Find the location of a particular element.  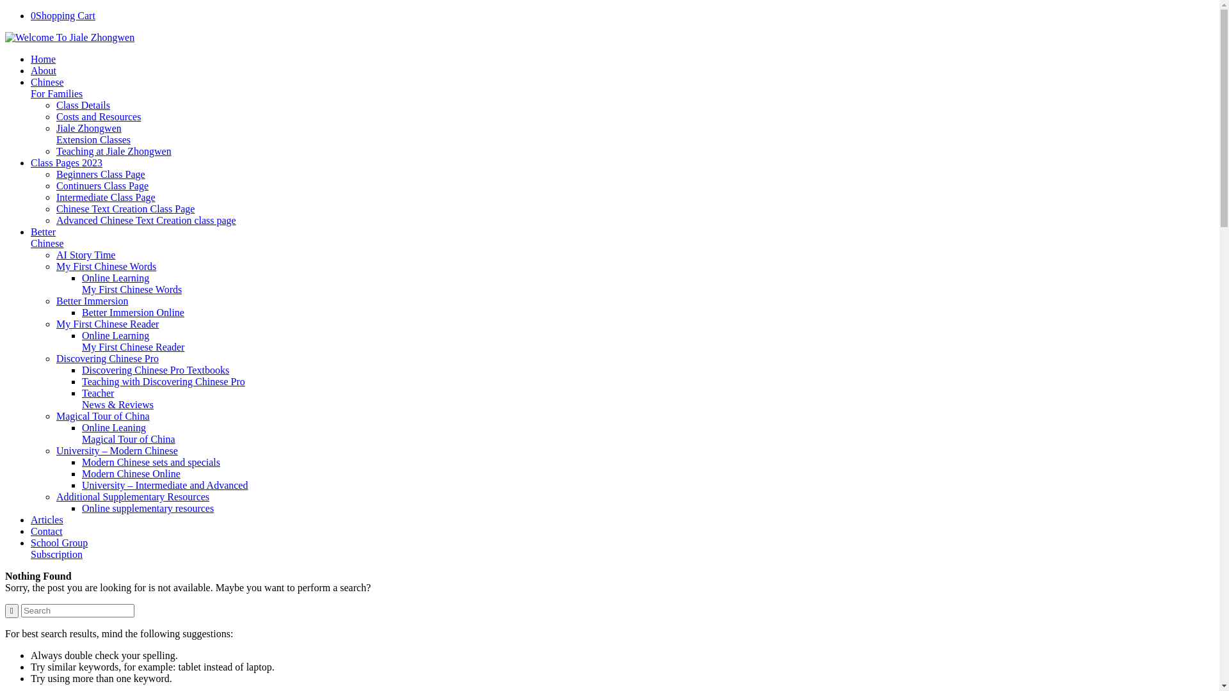

'Better Immersion' is located at coordinates (92, 301).